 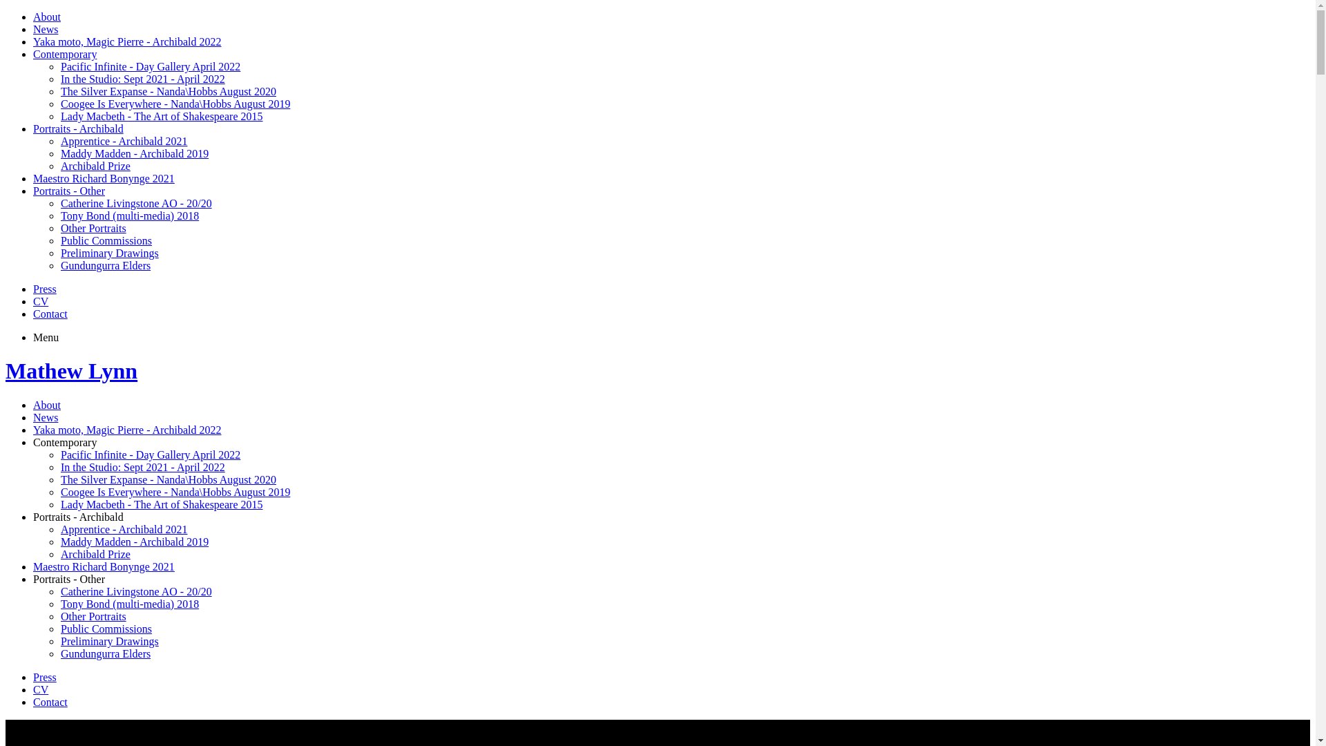 I want to click on 'Contact', so click(x=50, y=314).